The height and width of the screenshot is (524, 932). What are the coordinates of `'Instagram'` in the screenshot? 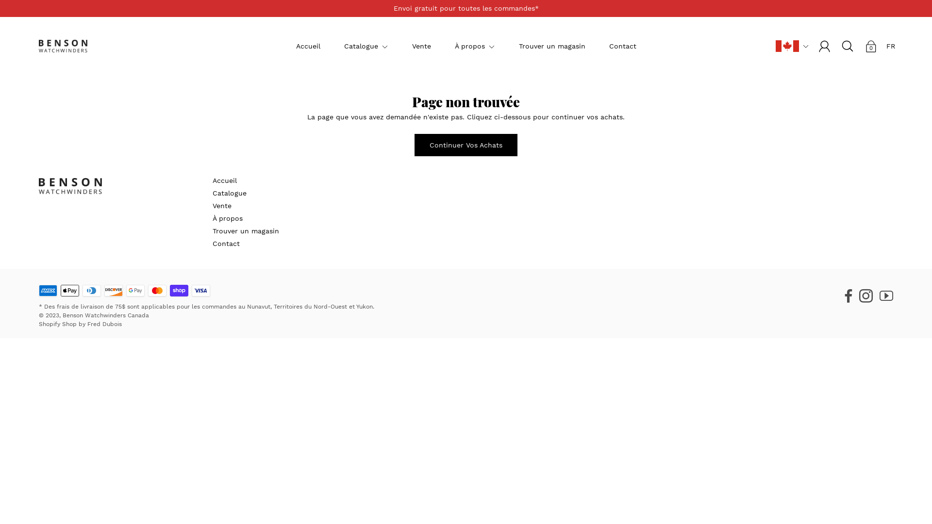 It's located at (866, 294).